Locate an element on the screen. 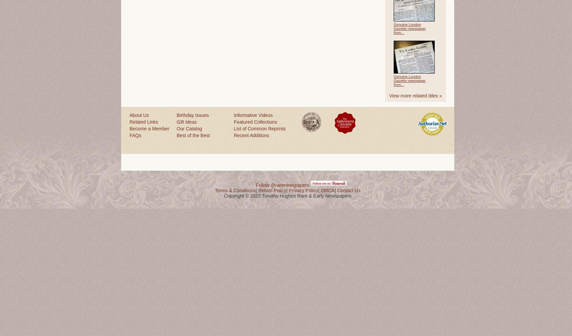 The height and width of the screenshot is (336, 572). 'DMCA' is located at coordinates (327, 190).